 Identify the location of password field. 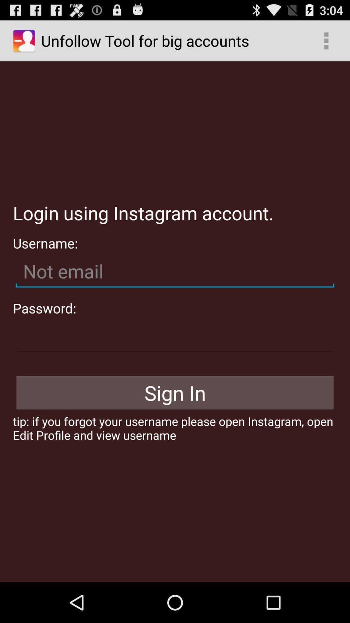
(175, 336).